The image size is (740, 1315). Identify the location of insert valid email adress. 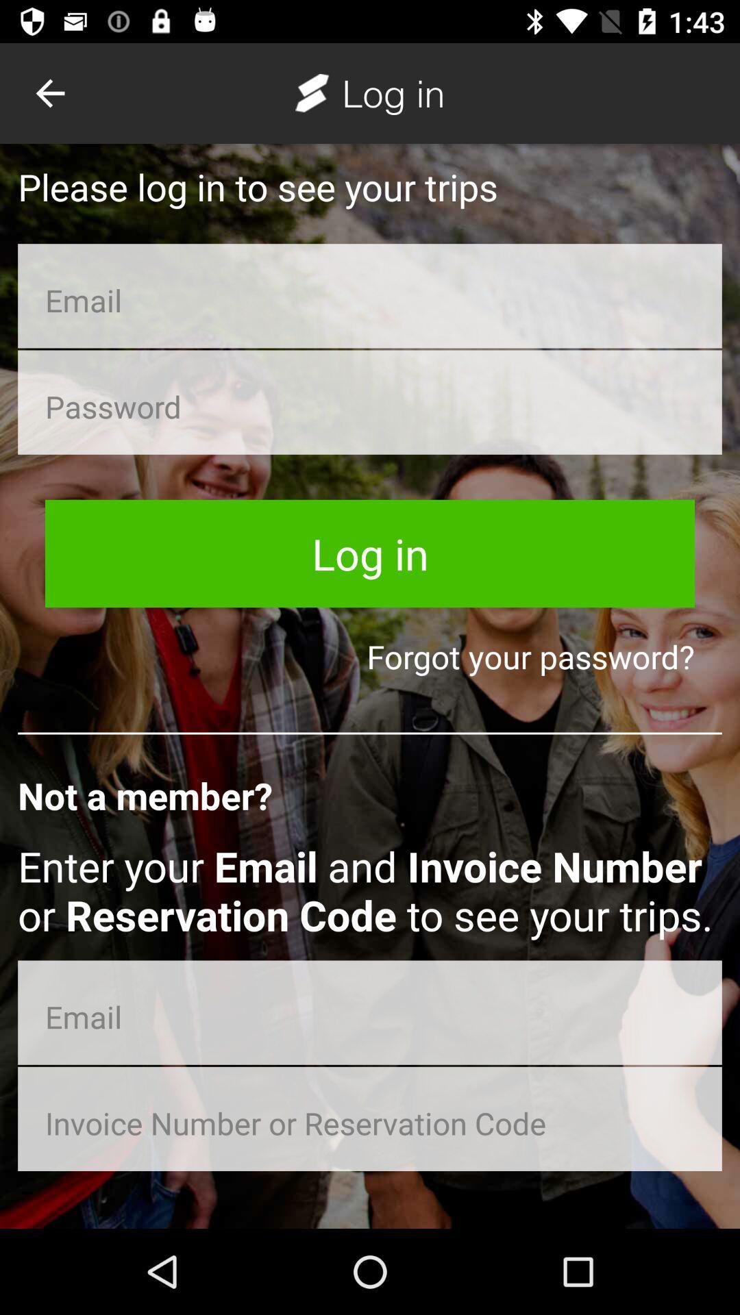
(370, 295).